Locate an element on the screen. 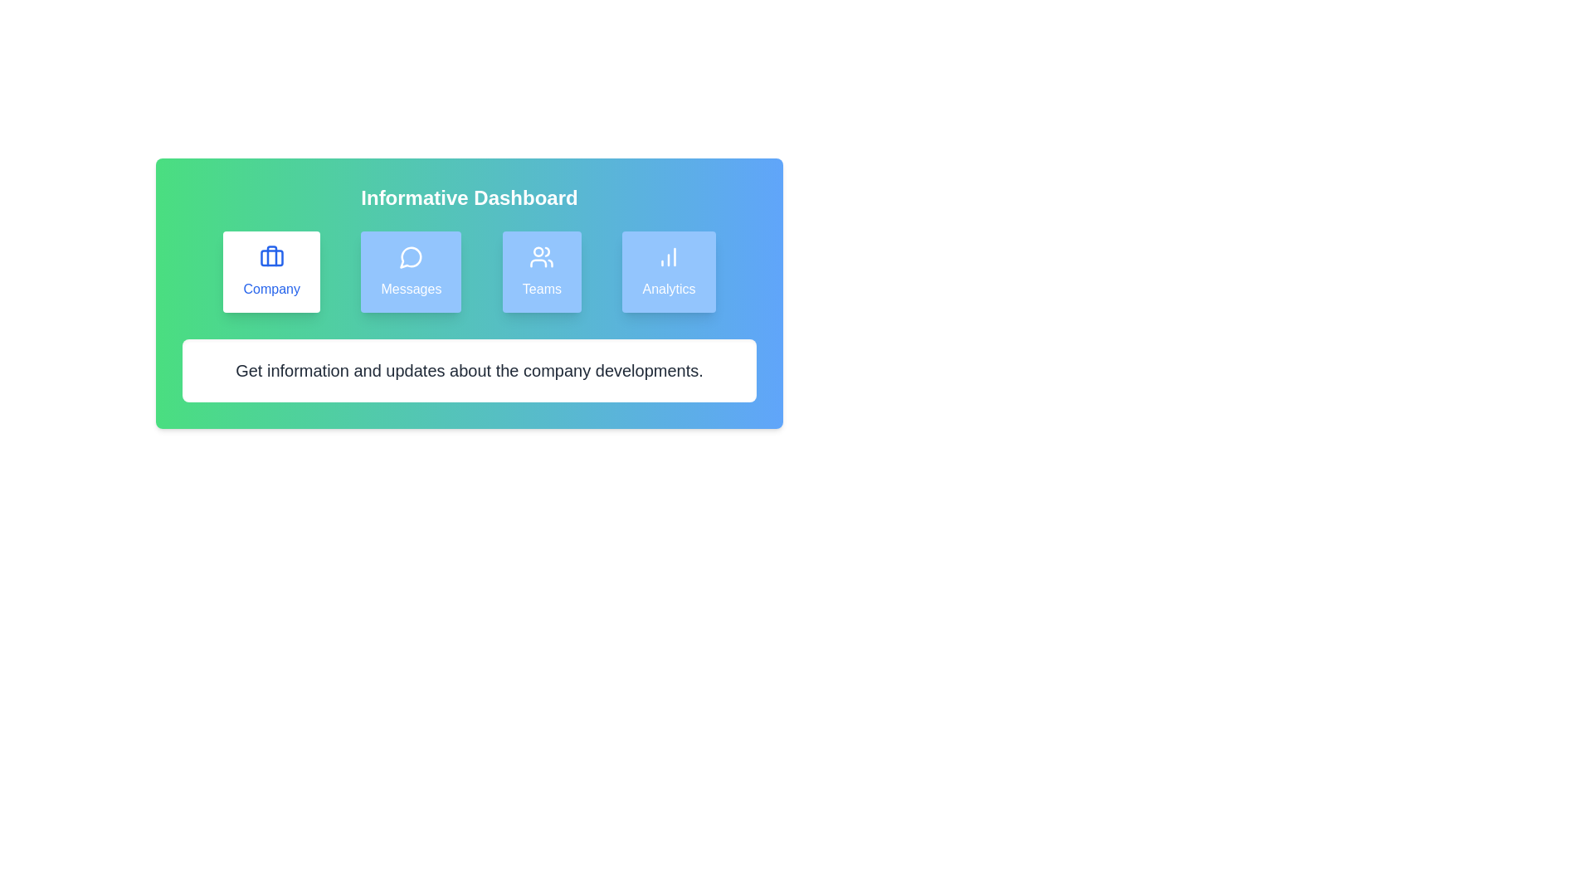 Image resolution: width=1593 pixels, height=896 pixels. the messaging icon embedded within the 'Messages' button, which is the second button from the left in the horizontal navigation bar is located at coordinates (411, 257).